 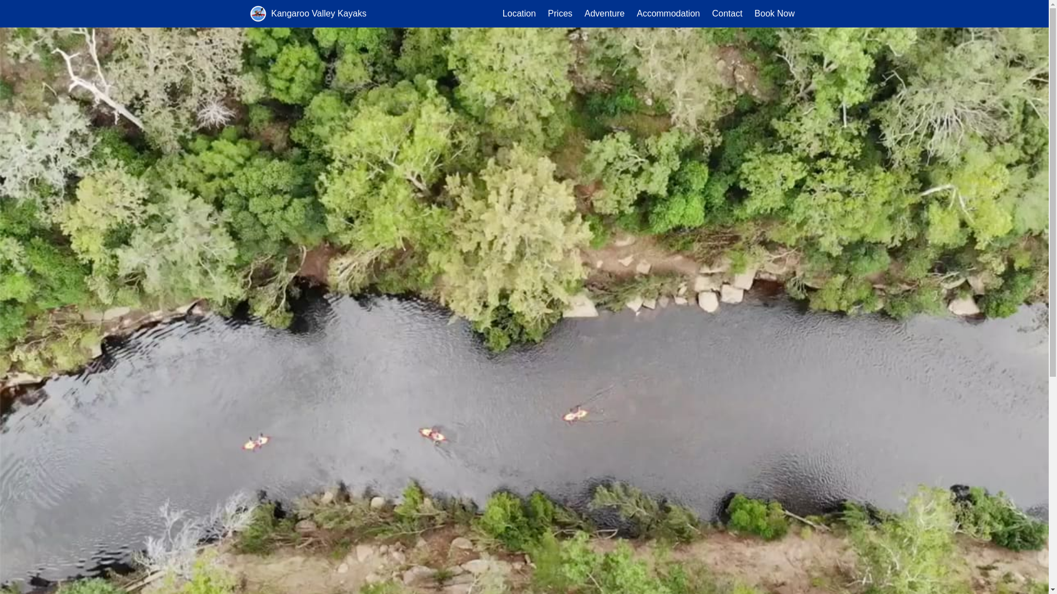 What do you see at coordinates (604, 13) in the screenshot?
I see `'Adventure'` at bounding box center [604, 13].